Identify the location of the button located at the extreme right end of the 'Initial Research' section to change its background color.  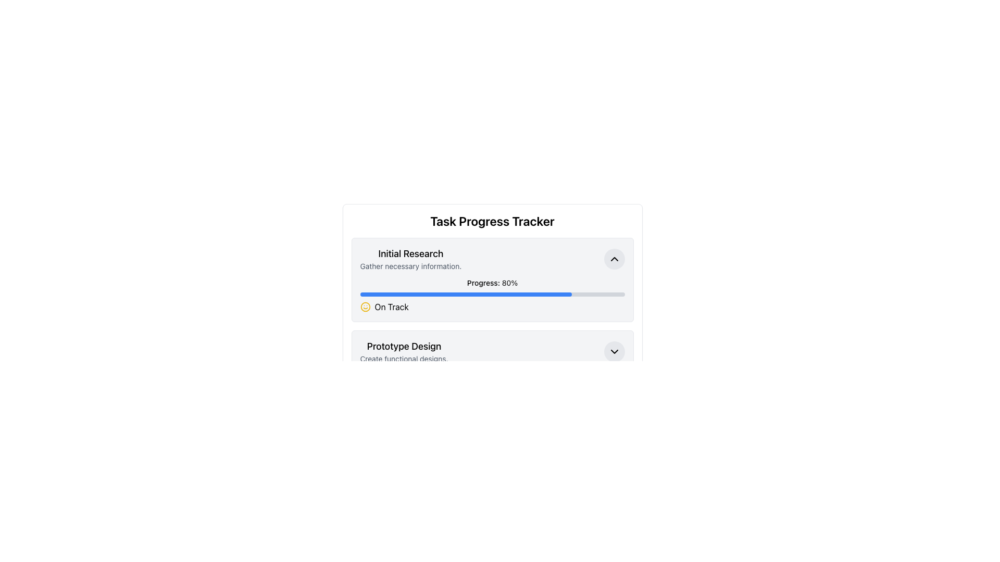
(614, 258).